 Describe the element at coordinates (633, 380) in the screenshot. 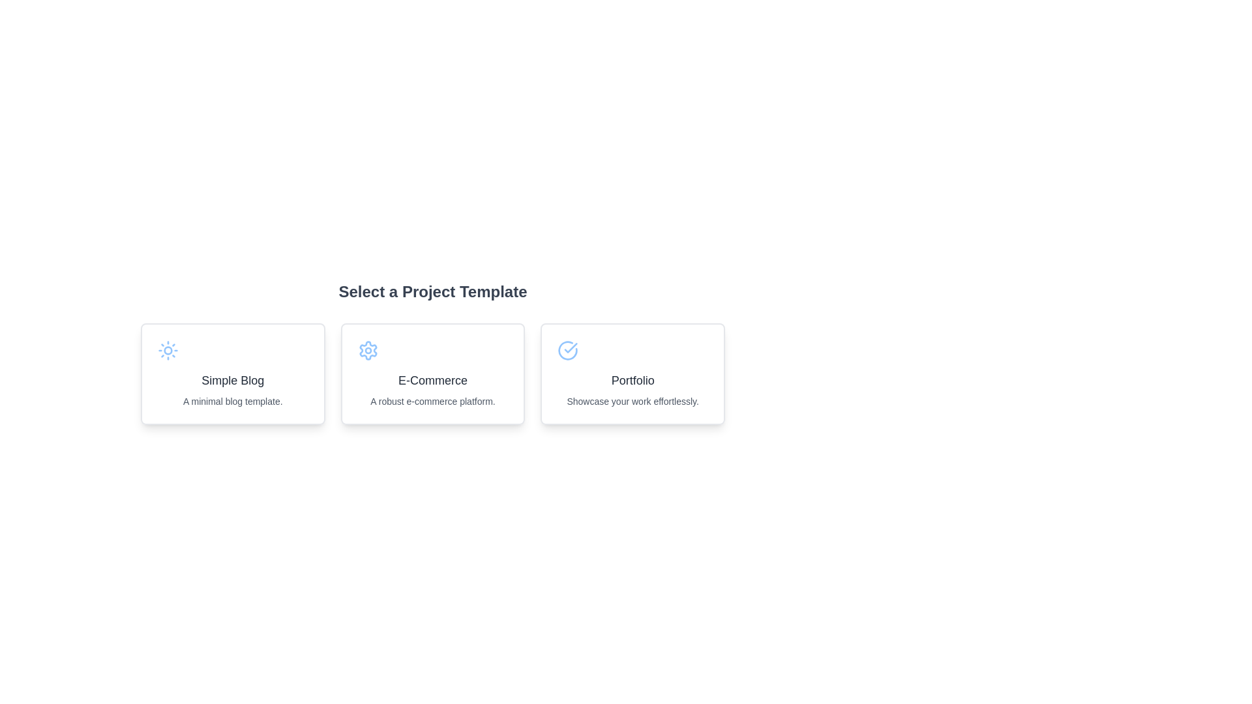

I see `the title text element for the 'Portfolio' option, which is located directly above the tagline 'Showcase your work effortlessly.'` at that location.